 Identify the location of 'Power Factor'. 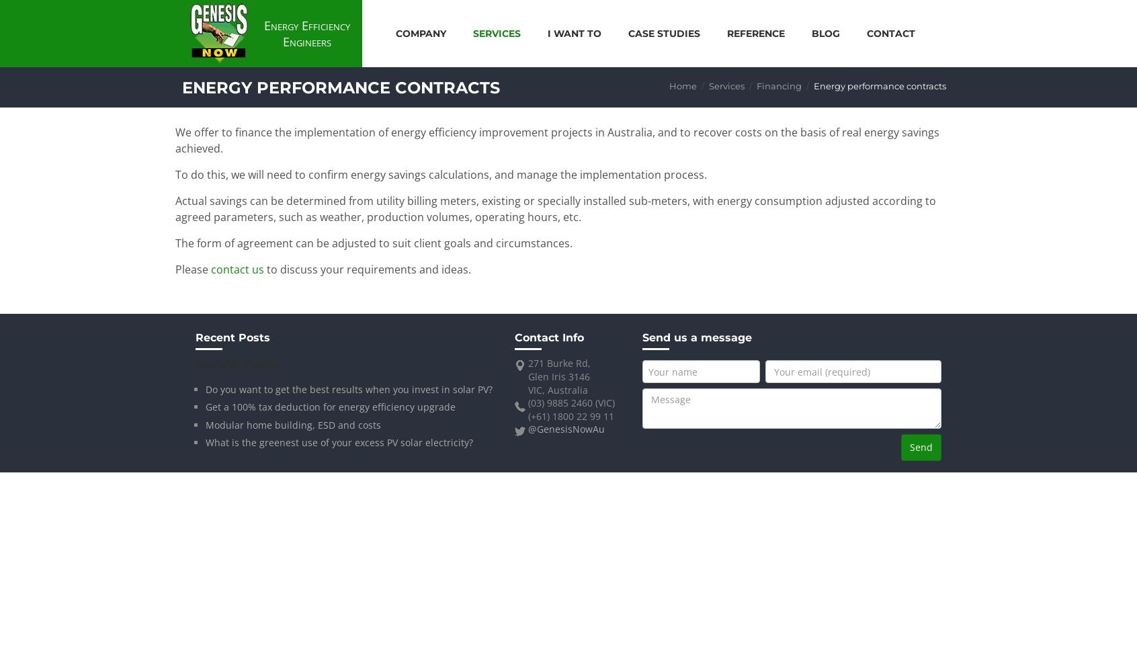
(761, 136).